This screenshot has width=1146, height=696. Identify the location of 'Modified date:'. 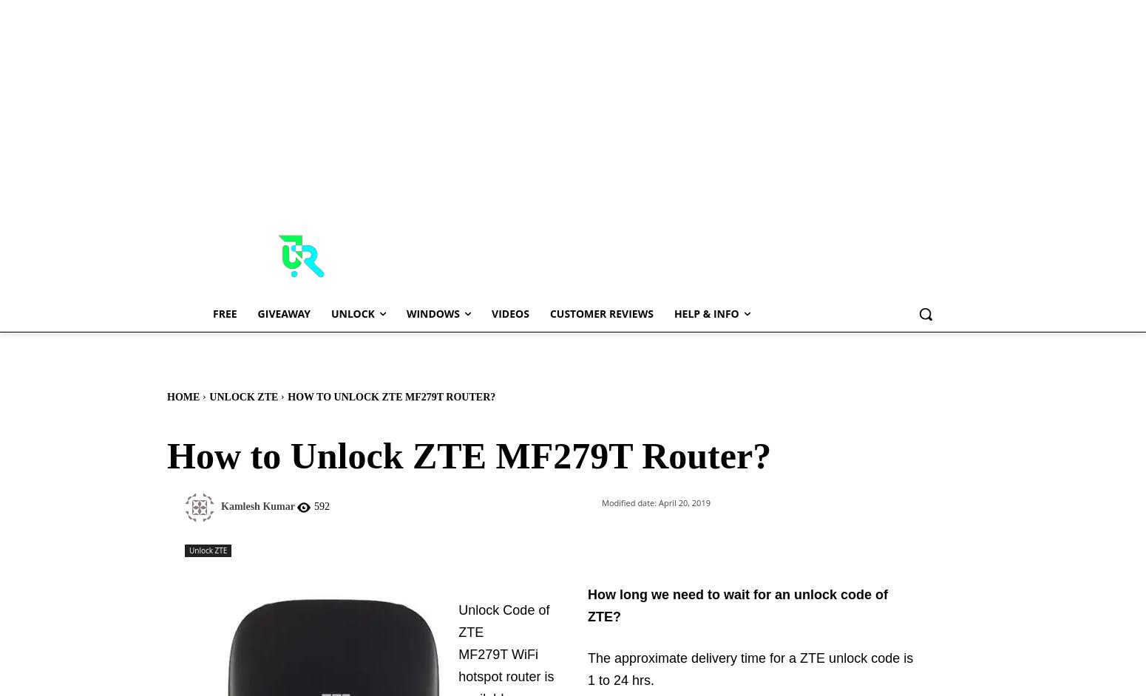
(628, 502).